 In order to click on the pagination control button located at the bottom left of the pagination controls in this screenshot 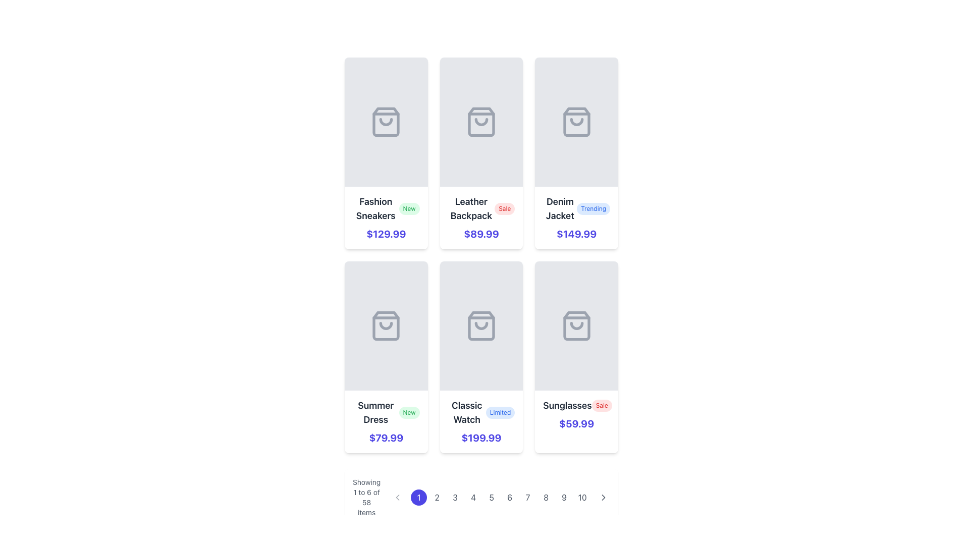, I will do `click(397, 497)`.